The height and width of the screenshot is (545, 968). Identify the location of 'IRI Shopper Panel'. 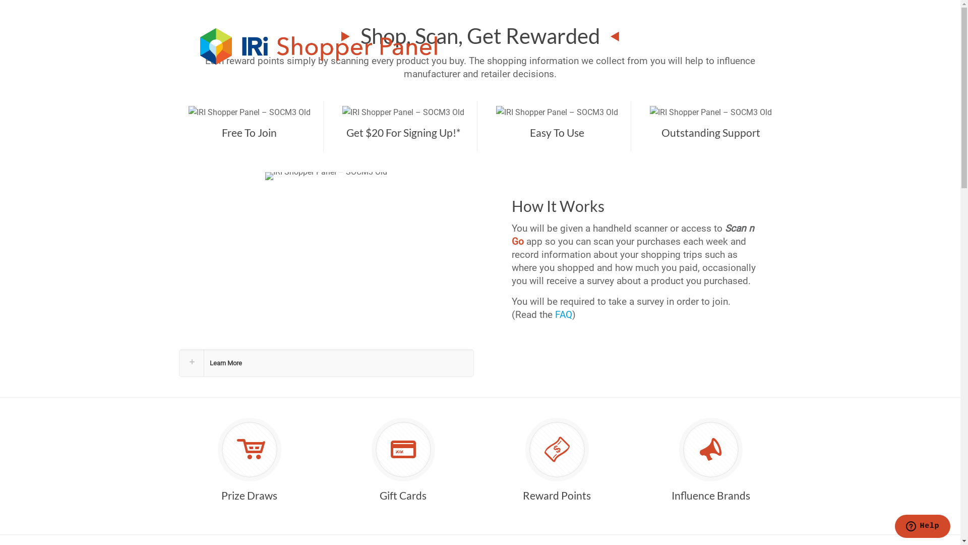
(321, 46).